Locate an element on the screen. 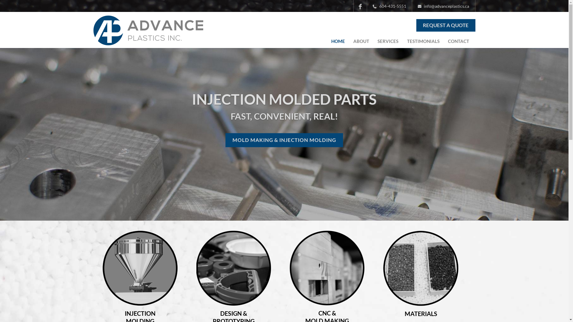 Image resolution: width=573 pixels, height=322 pixels. 'CONTACT' is located at coordinates (446, 41).